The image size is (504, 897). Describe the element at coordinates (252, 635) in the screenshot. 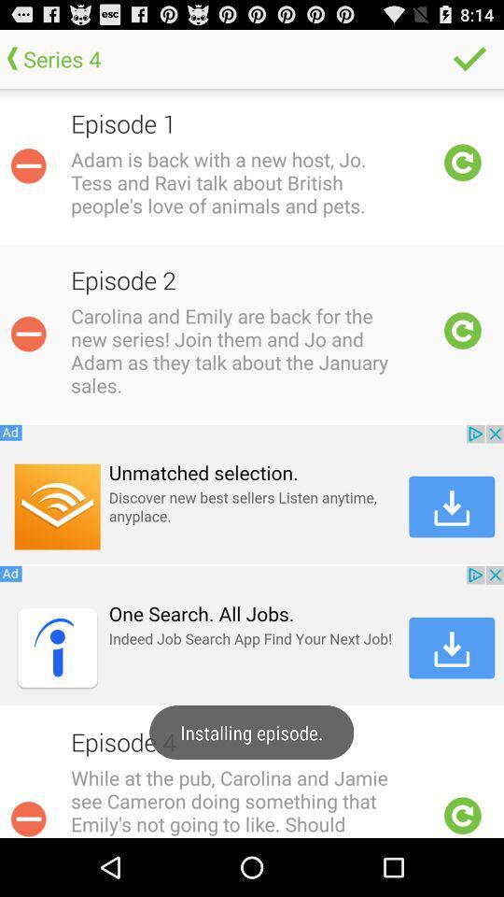

I see `download app of indeed` at that location.